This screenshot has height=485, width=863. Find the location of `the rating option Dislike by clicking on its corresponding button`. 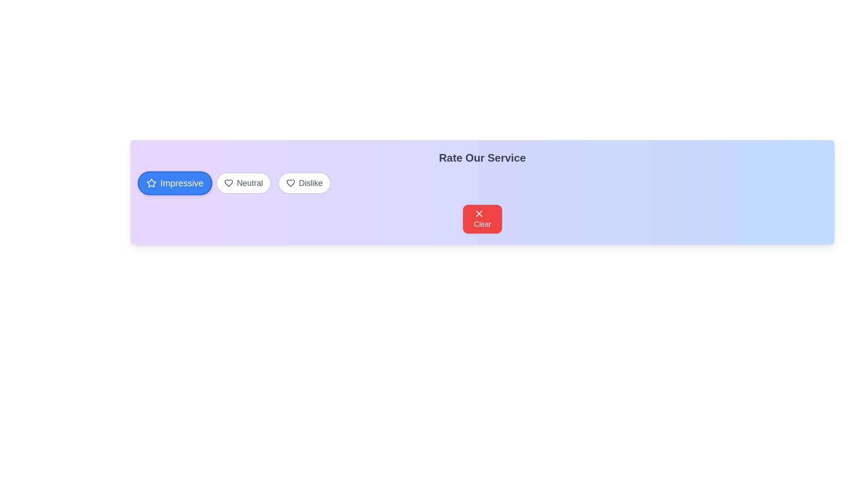

the rating option Dislike by clicking on its corresponding button is located at coordinates (304, 183).